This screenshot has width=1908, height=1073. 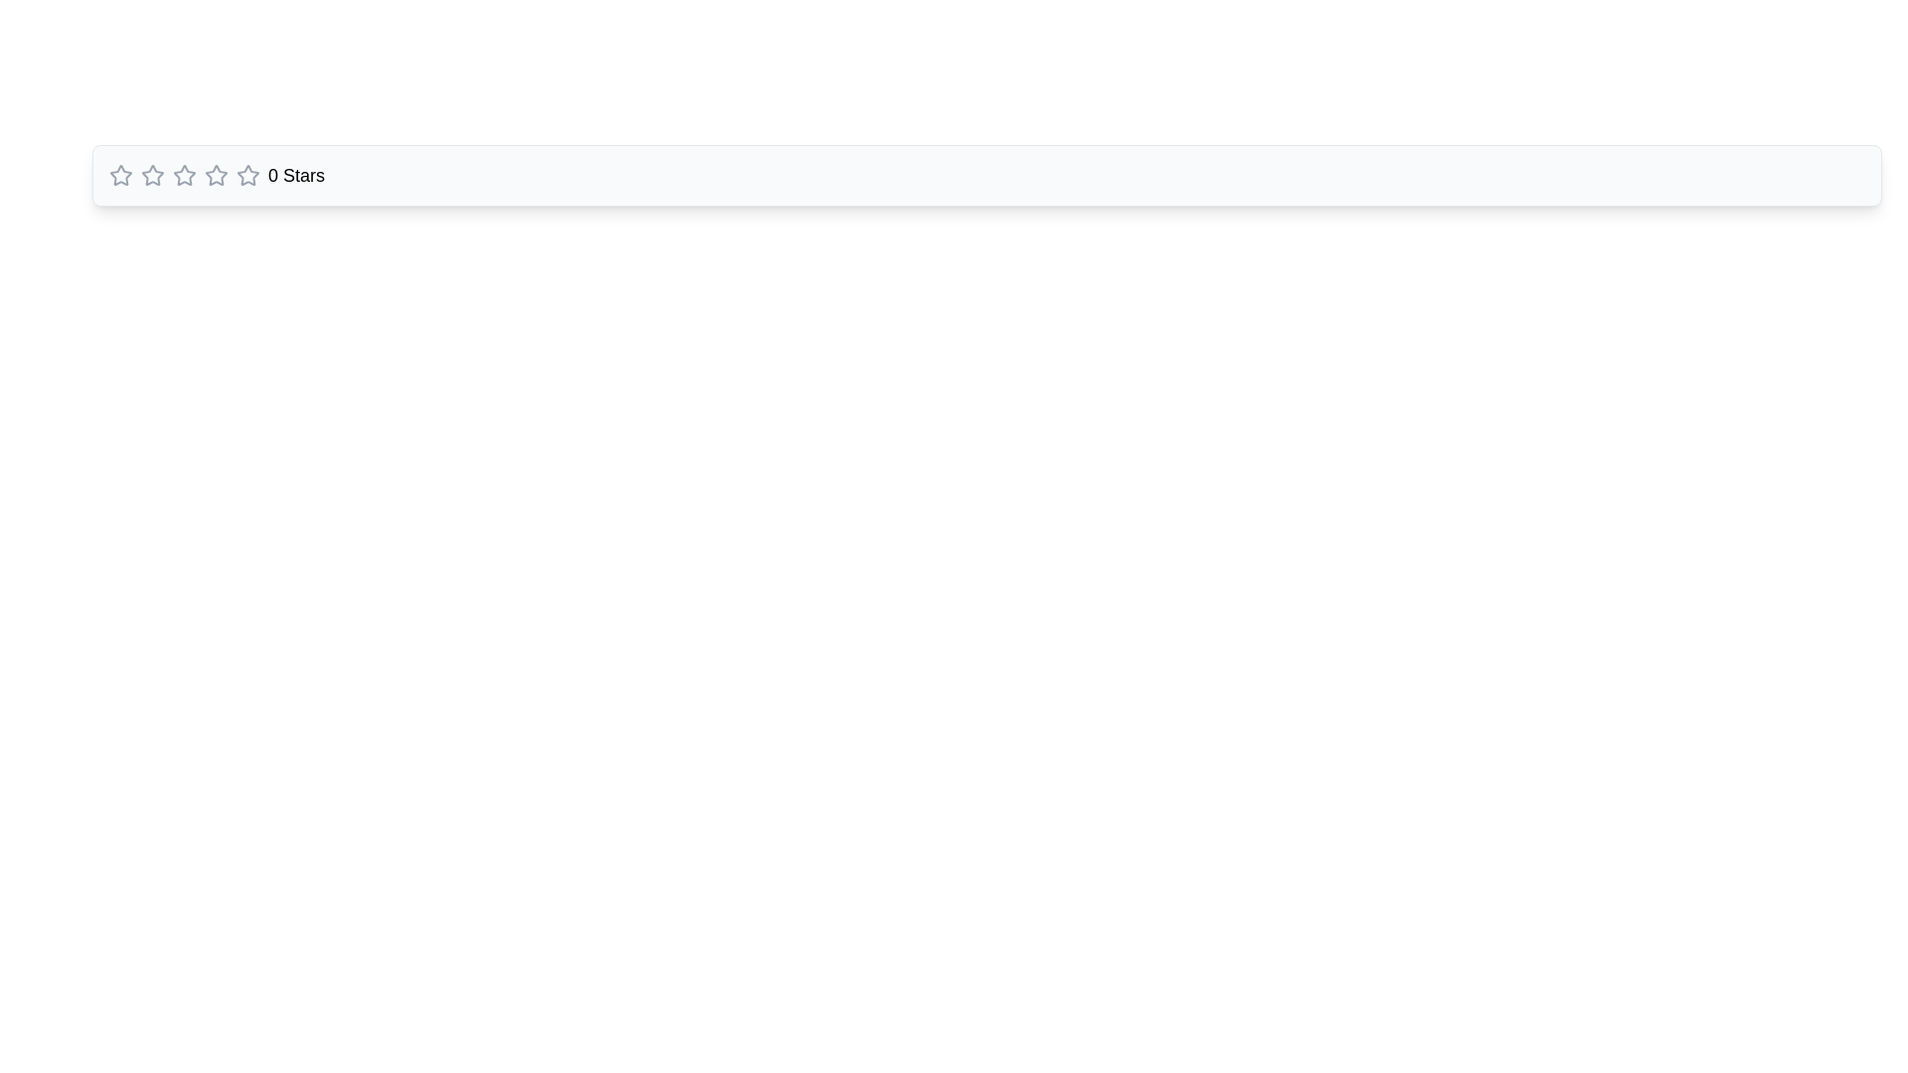 What do you see at coordinates (151, 175) in the screenshot?
I see `the second star icon in the star-rating UI component` at bounding box center [151, 175].